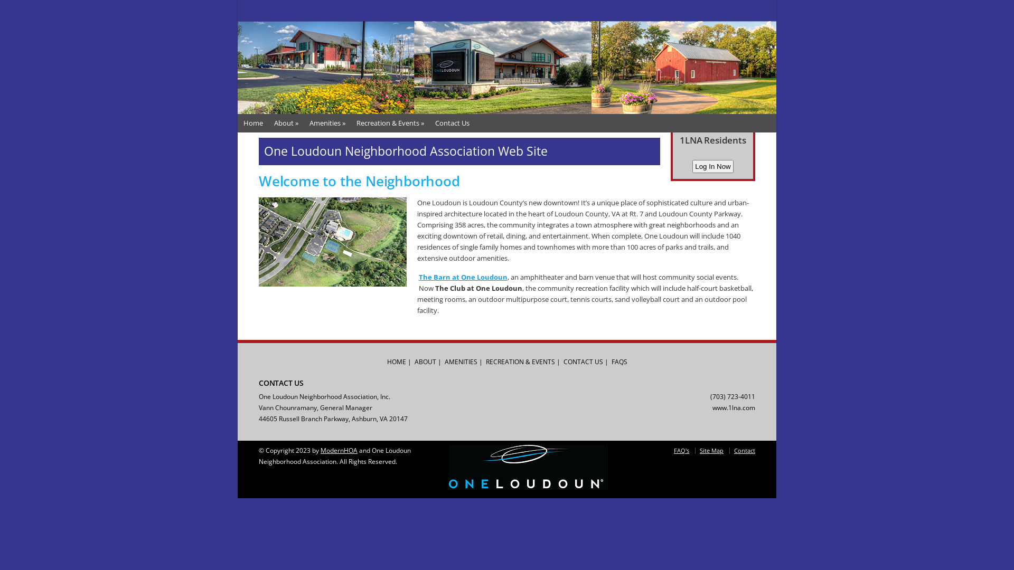 Image resolution: width=1014 pixels, height=570 pixels. I want to click on 'www.1lna.com', so click(733, 407).